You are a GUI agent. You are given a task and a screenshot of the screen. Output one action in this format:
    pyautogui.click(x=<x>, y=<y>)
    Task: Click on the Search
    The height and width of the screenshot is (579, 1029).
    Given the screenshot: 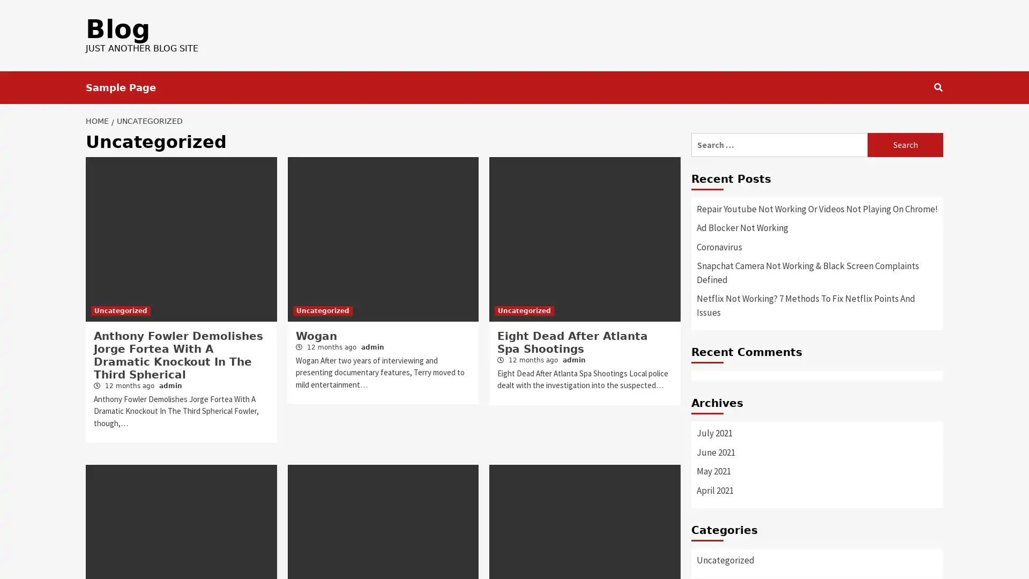 What is the action you would take?
    pyautogui.click(x=905, y=144)
    